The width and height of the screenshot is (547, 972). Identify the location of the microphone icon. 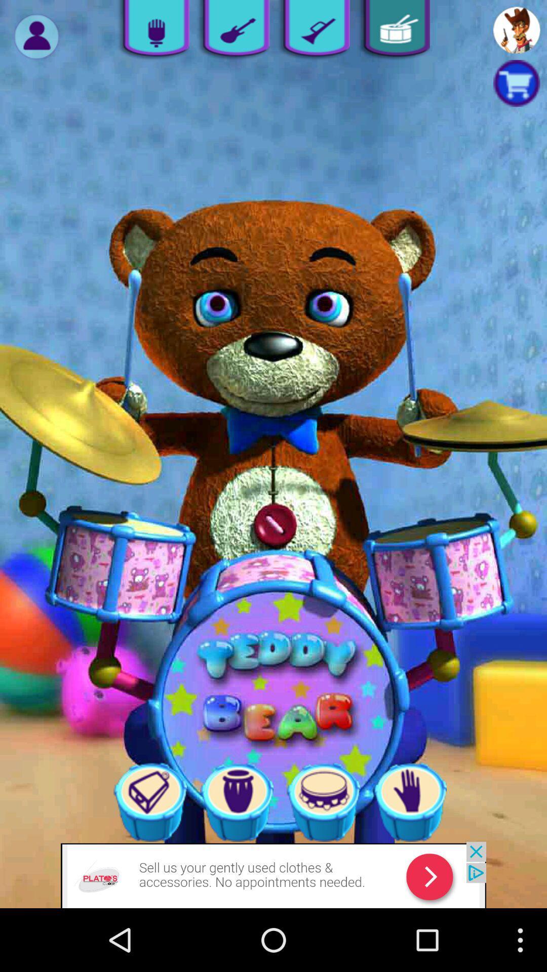
(152, 32).